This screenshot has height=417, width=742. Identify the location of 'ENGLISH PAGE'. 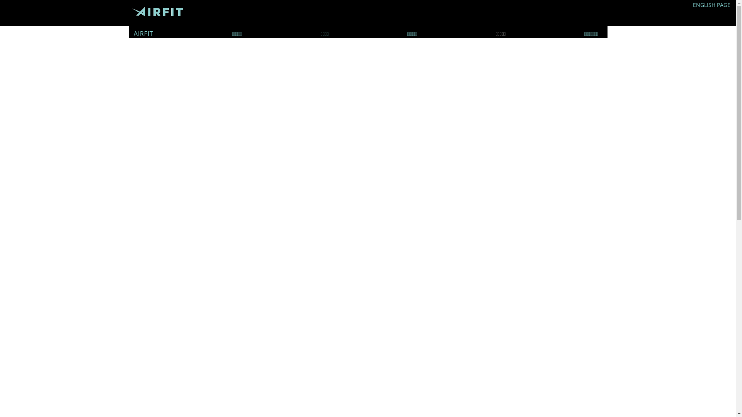
(693, 5).